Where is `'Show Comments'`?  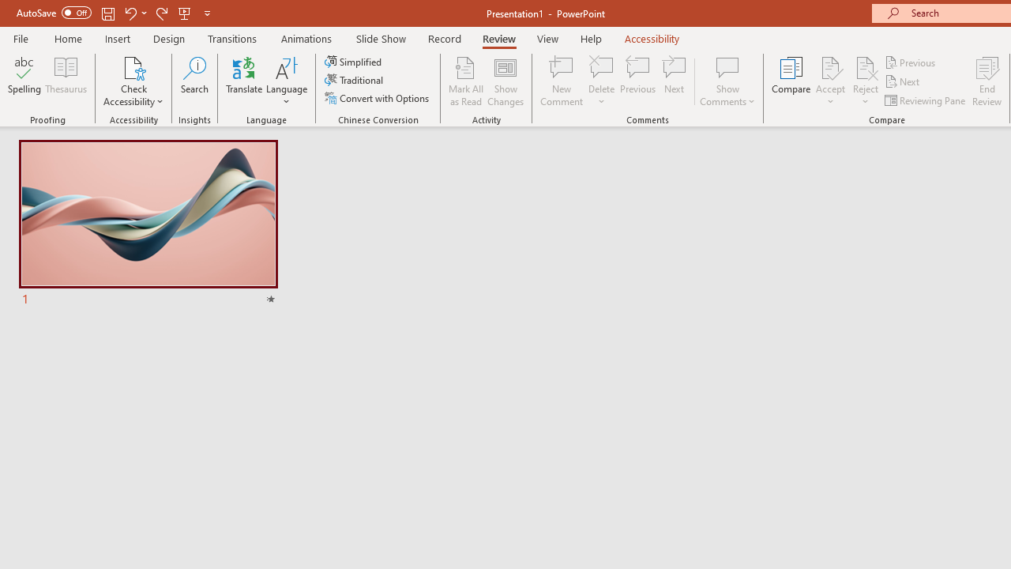
'Show Comments' is located at coordinates (727, 66).